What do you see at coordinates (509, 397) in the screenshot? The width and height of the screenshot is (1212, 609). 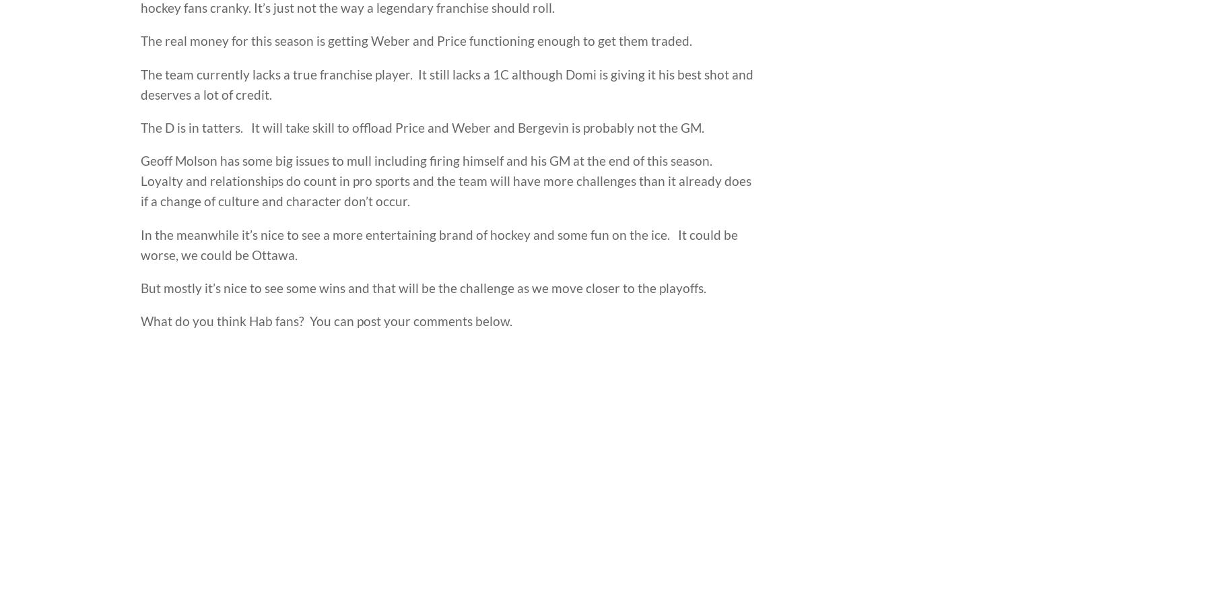 I see `'OPP Charge  Timberlock General Contracting Owner KEVIN PROULX w 22 Fraud Related  Offenses in Eastern Ontario'` at bounding box center [509, 397].